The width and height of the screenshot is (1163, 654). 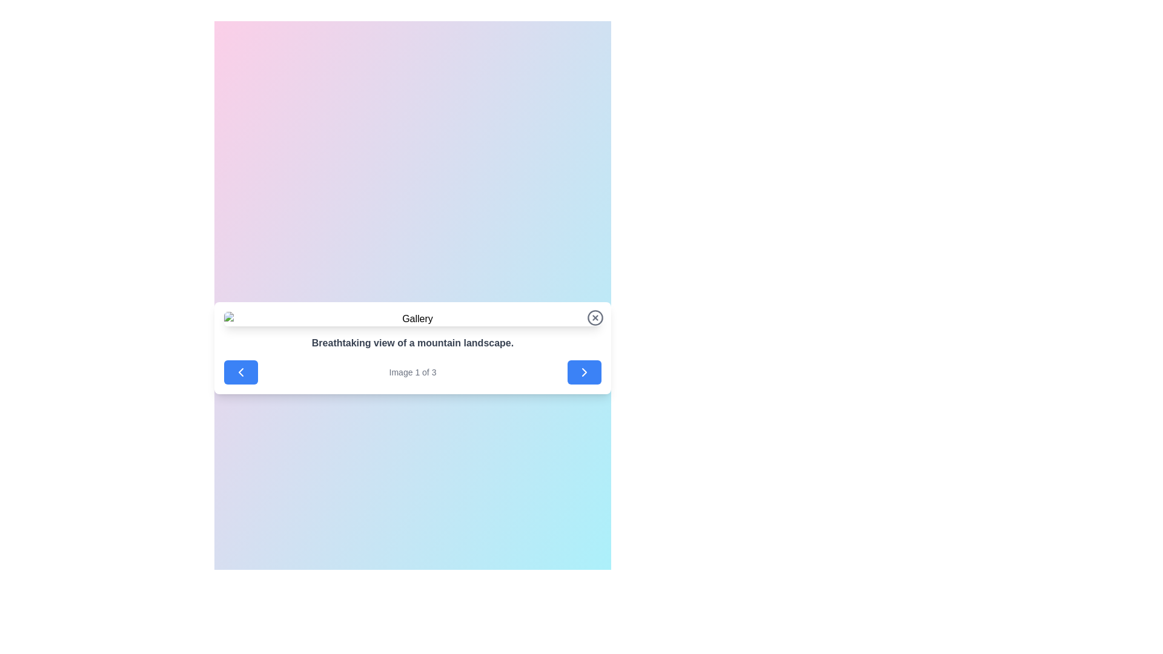 What do you see at coordinates (584, 371) in the screenshot?
I see `the Chevron navigation icon located within the blue circular button on the center-right of the card interface` at bounding box center [584, 371].